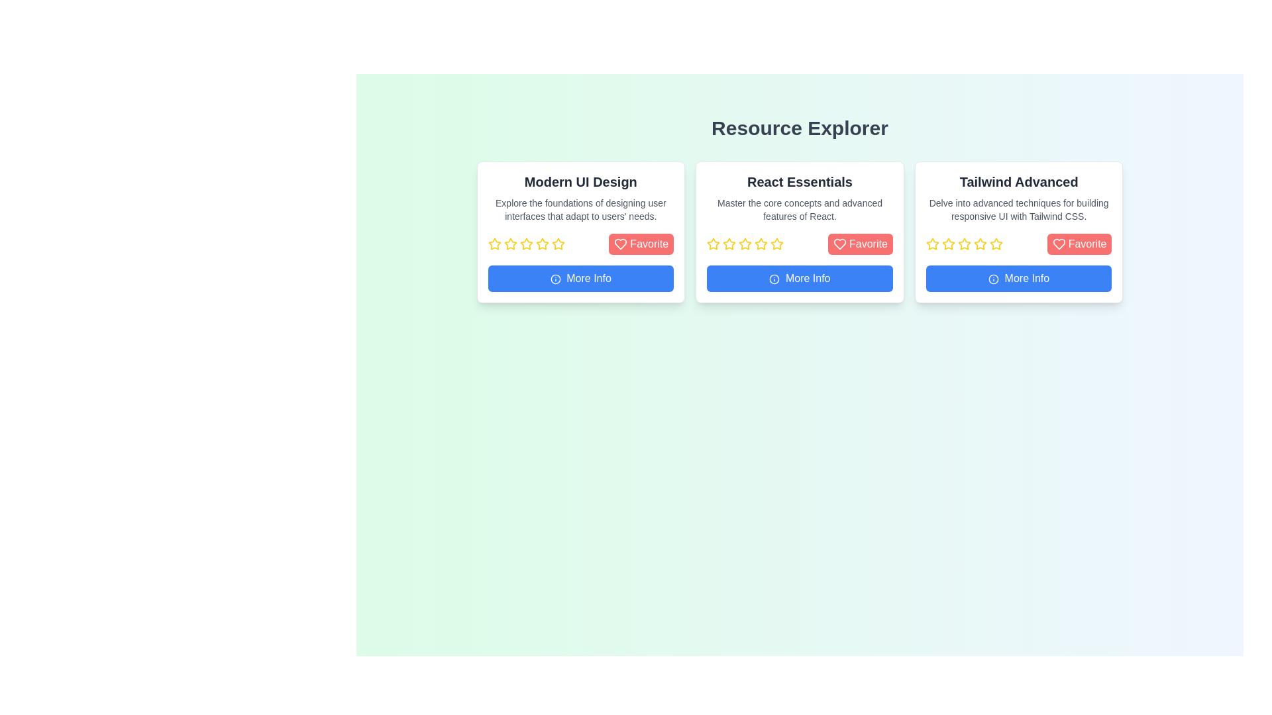  Describe the element at coordinates (799, 209) in the screenshot. I see `the text block styled with a gray font located beneath the title 'React Essentials'` at that location.